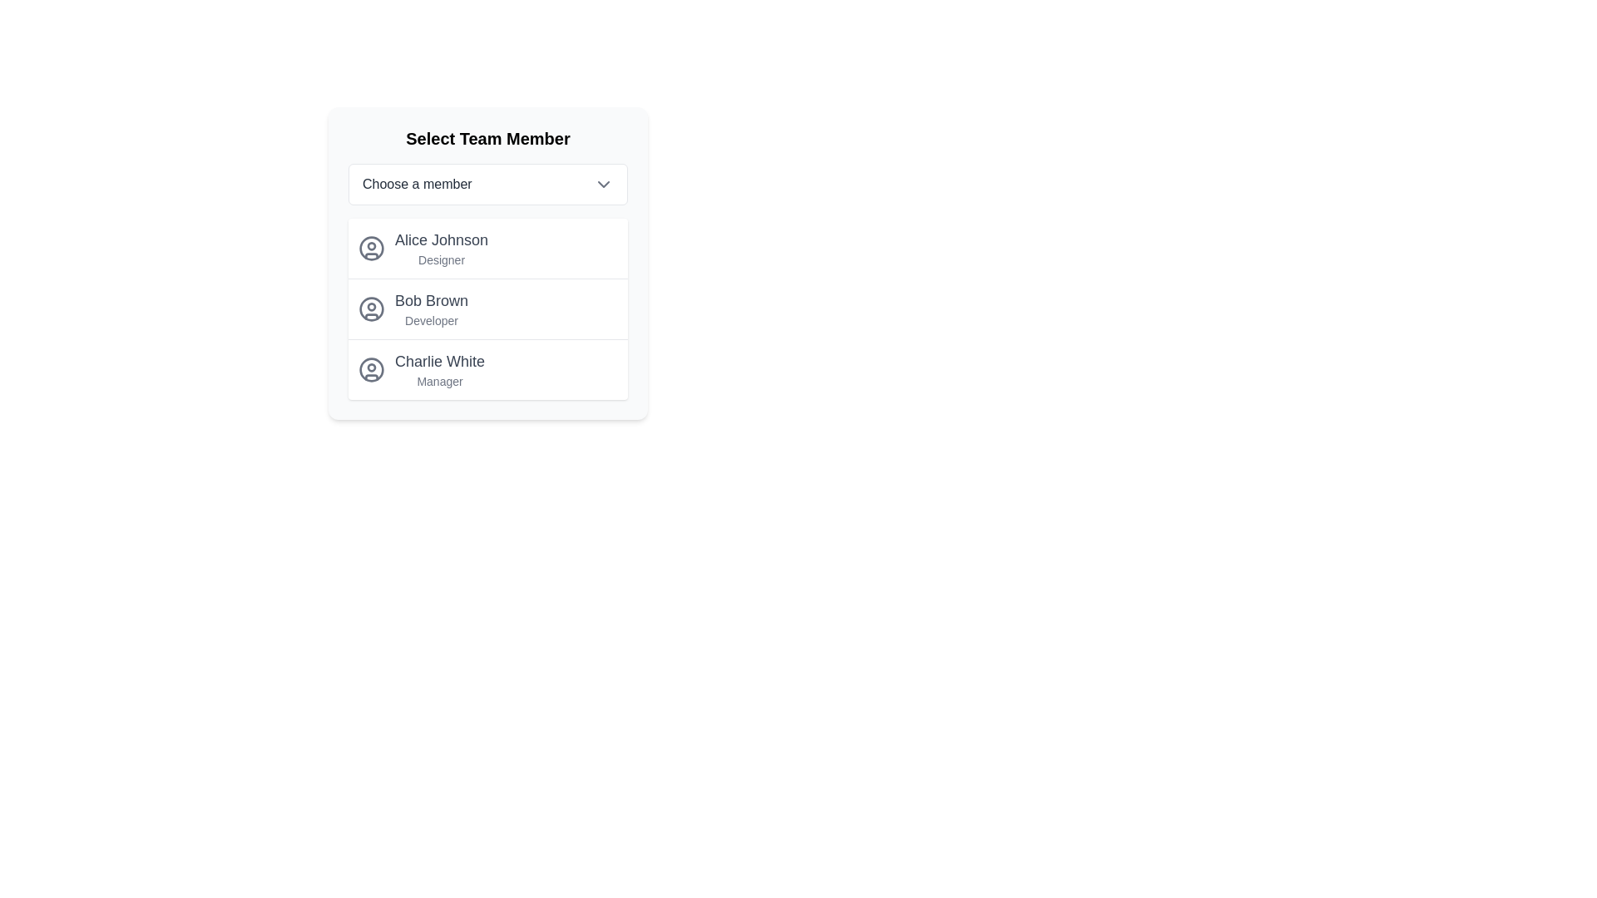  I want to click on text label 'Developer' which is a small light gray font positioned directly beneath the name 'Bob Brown' in the selection list of the 'Select Team Member' pop-up menu, so click(431, 320).